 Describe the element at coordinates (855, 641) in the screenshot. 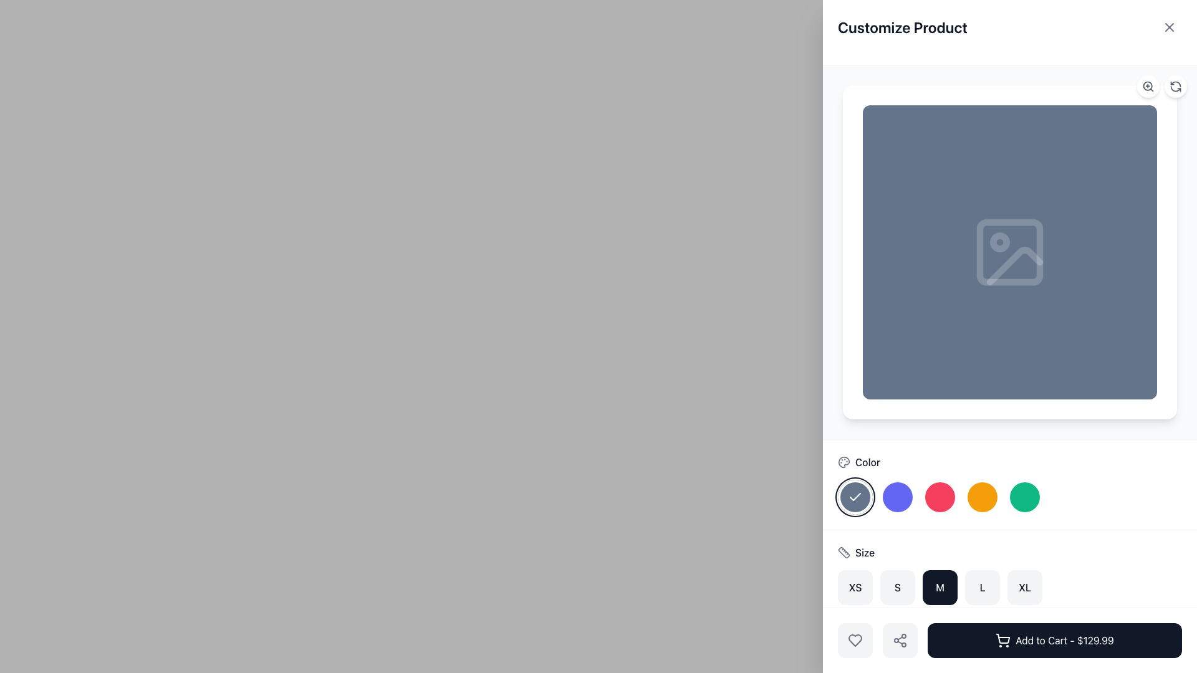

I see `the favoriting icon located at the lower center of the interactive customization panel, beneath the size selection section, to indicate an affinity for the product` at that location.